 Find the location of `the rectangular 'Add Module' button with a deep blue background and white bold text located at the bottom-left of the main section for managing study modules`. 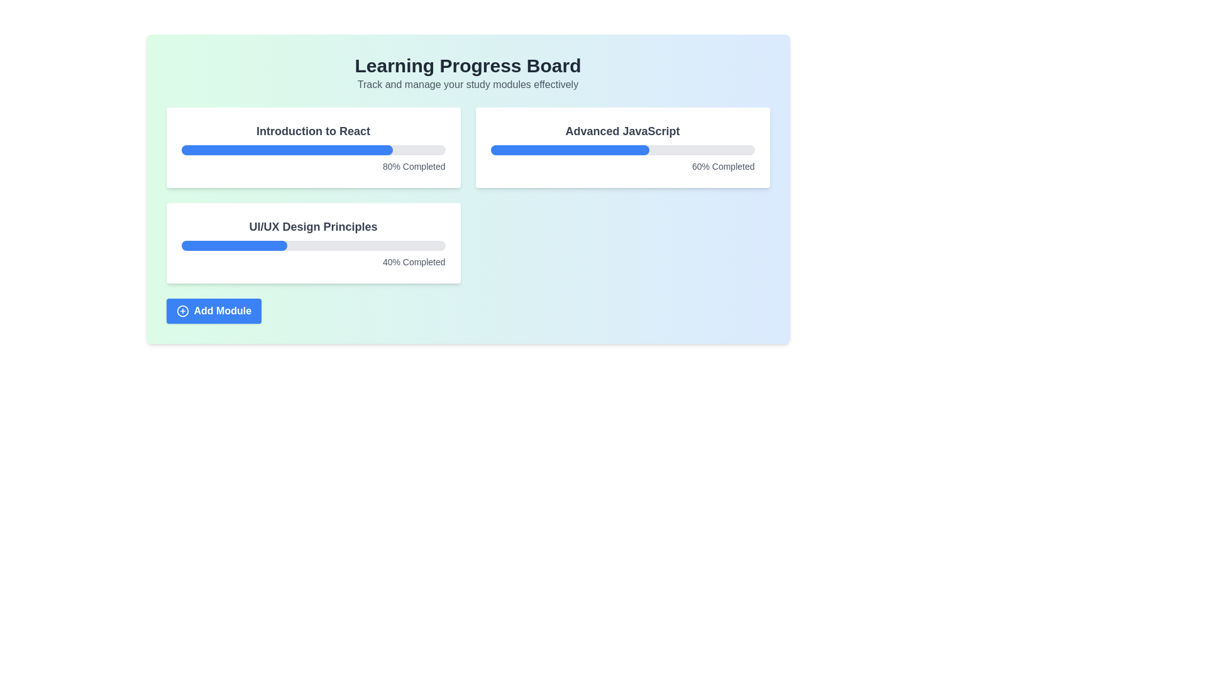

the rectangular 'Add Module' button with a deep blue background and white bold text located at the bottom-left of the main section for managing study modules is located at coordinates (214, 311).